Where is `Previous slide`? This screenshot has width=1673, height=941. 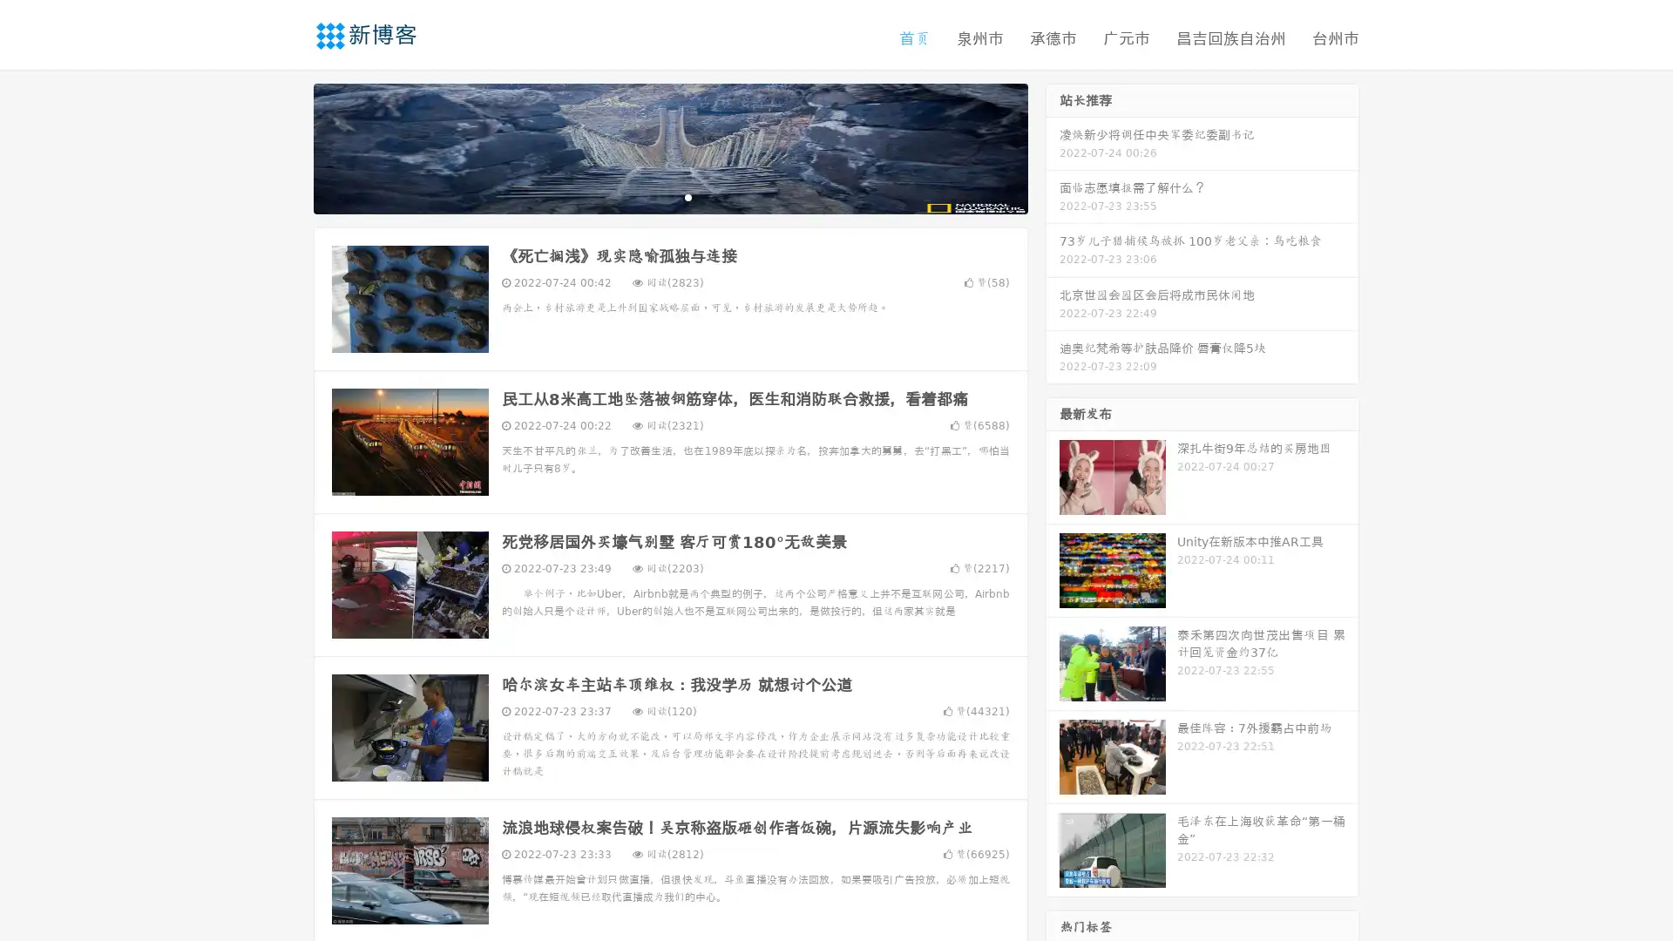
Previous slide is located at coordinates (288, 146).